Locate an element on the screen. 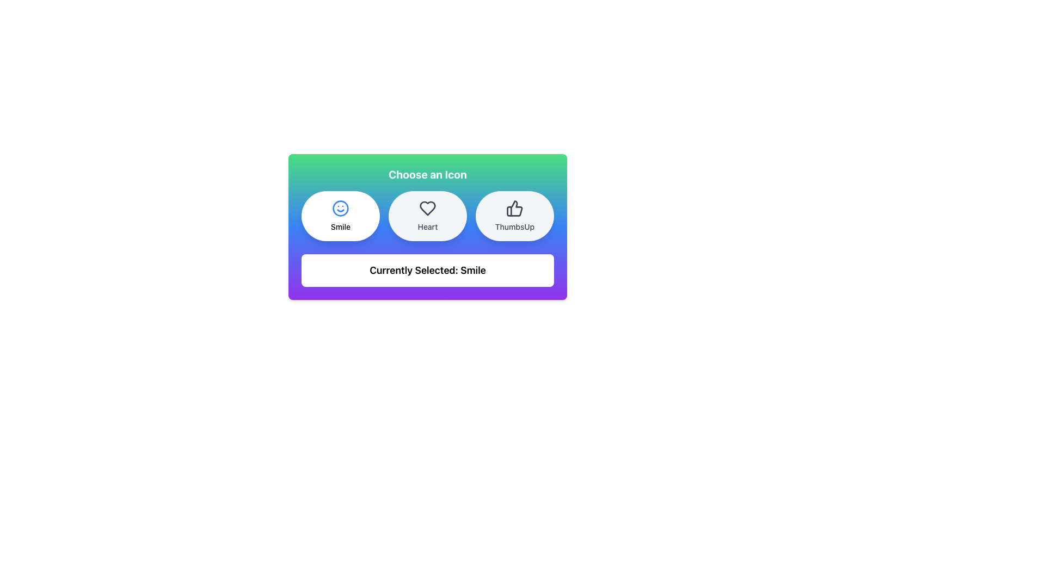  the 'Smile' button, which is the first element in a horizontal group of three interactive options is located at coordinates (340, 216).